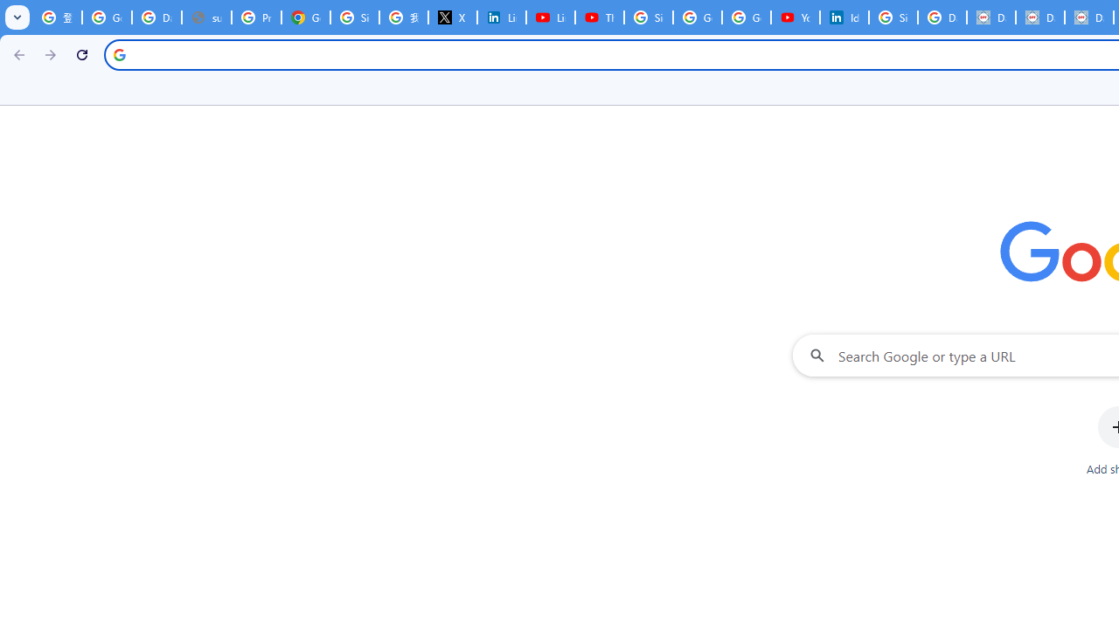 This screenshot has height=629, width=1119. I want to click on 'LinkedIn Privacy Policy', so click(501, 17).